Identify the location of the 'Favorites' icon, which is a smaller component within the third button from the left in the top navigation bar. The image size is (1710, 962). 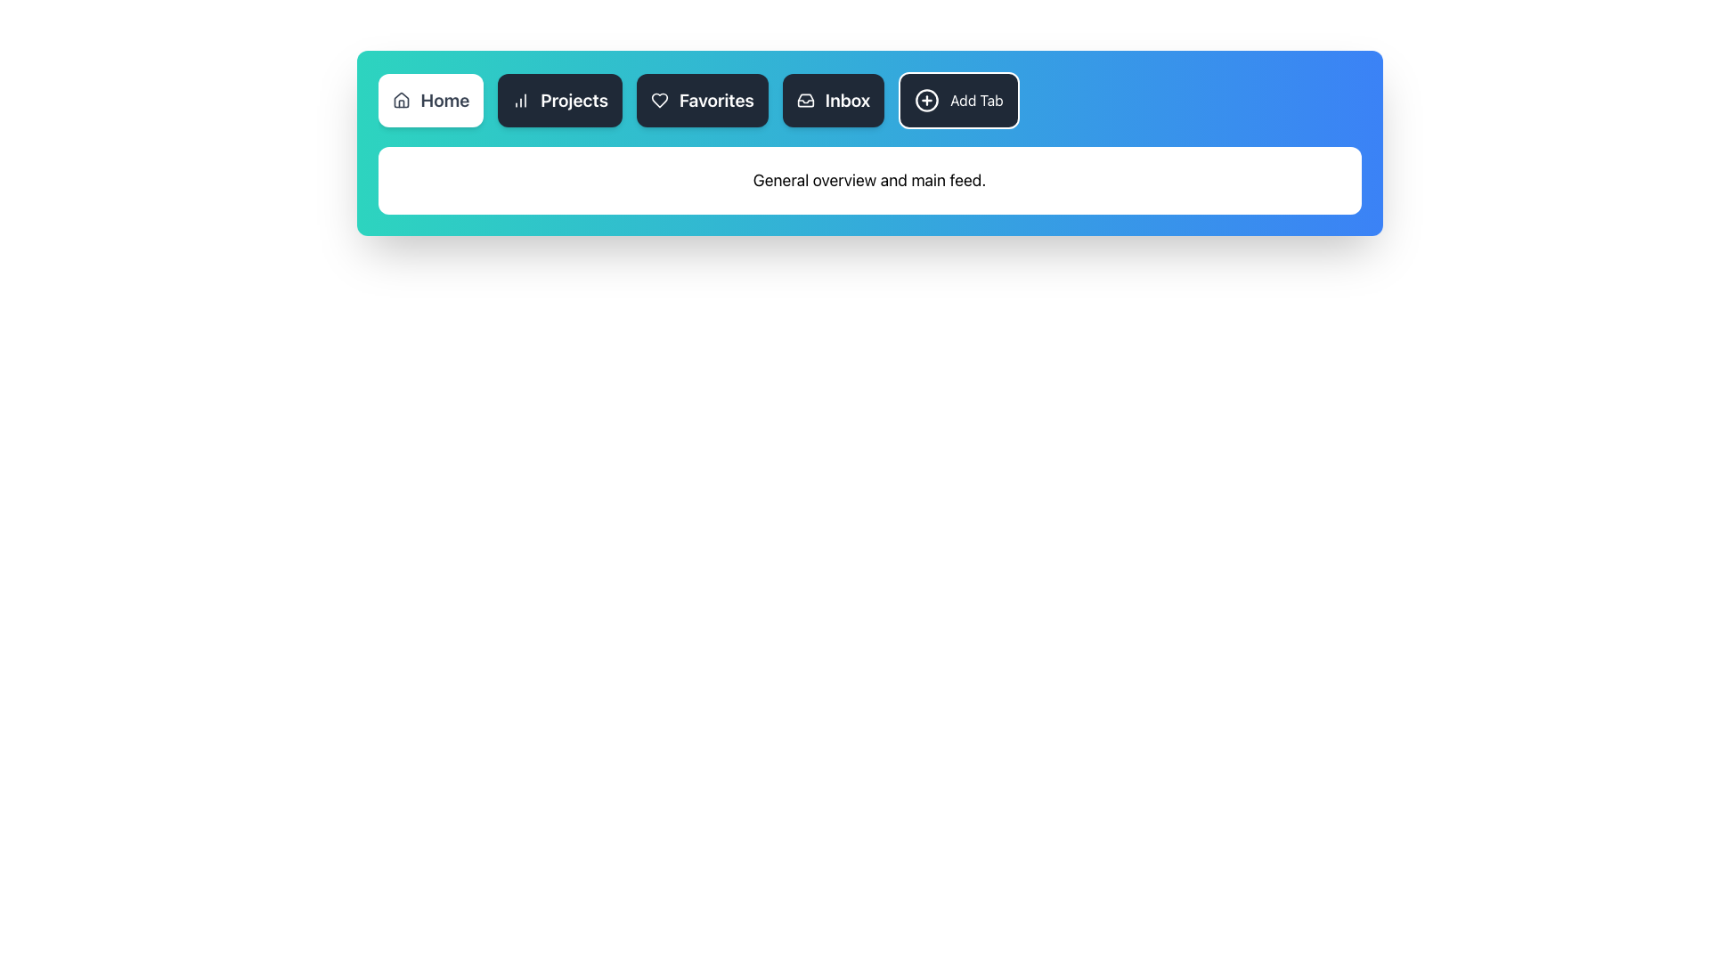
(658, 100).